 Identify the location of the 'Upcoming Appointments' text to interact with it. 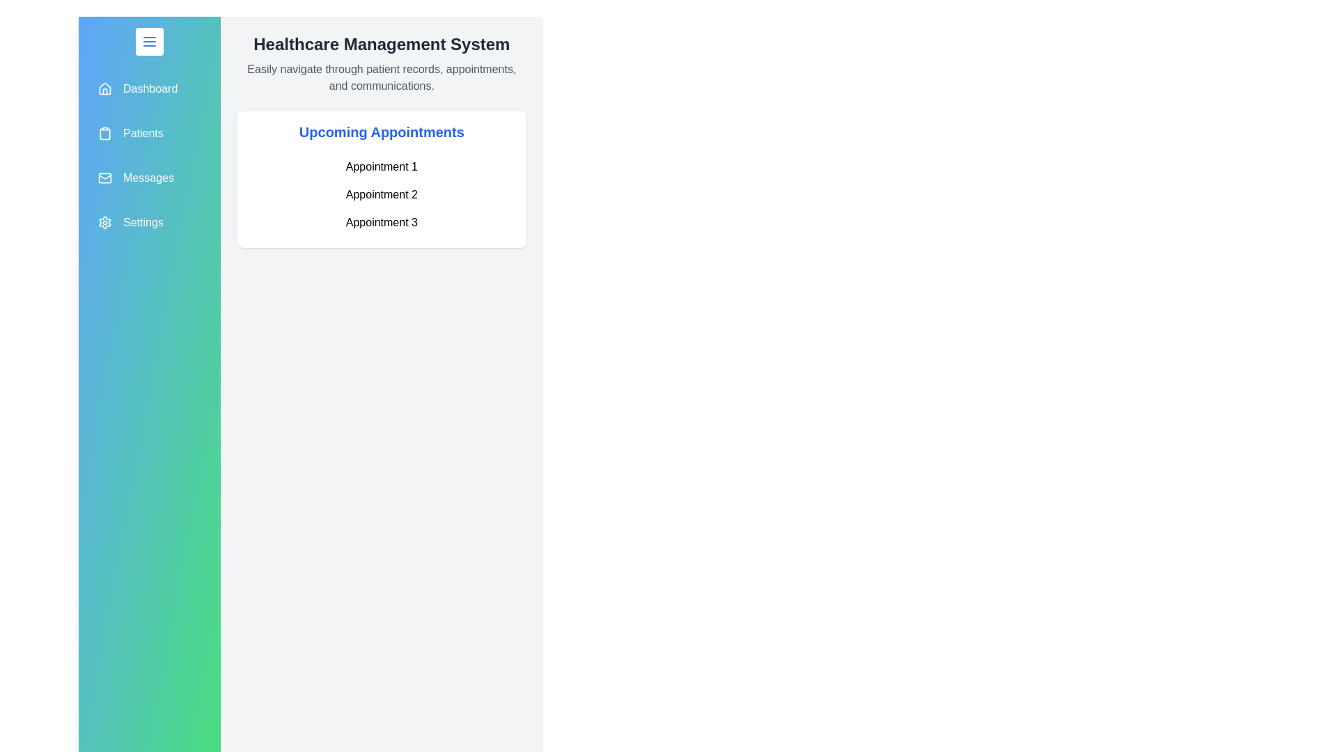
(381, 132).